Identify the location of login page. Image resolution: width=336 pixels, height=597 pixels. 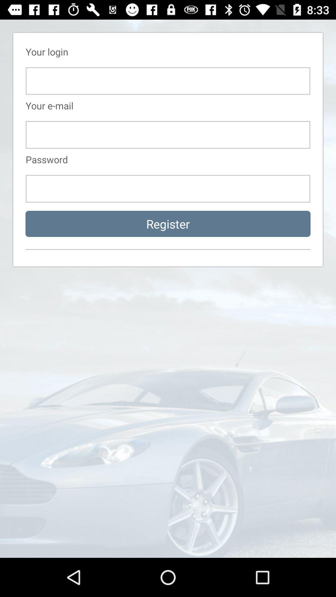
(168, 188).